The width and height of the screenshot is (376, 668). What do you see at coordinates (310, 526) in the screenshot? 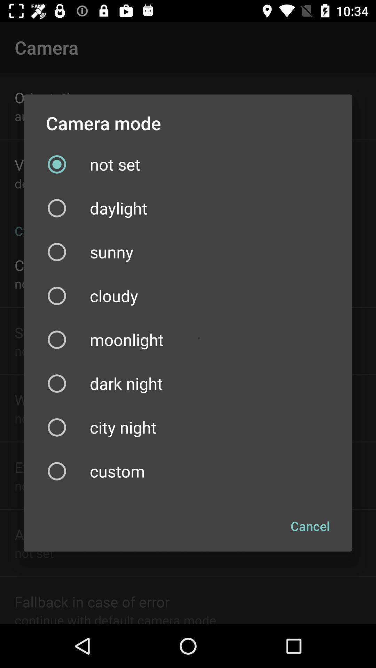
I see `icon at the bottom right corner` at bounding box center [310, 526].